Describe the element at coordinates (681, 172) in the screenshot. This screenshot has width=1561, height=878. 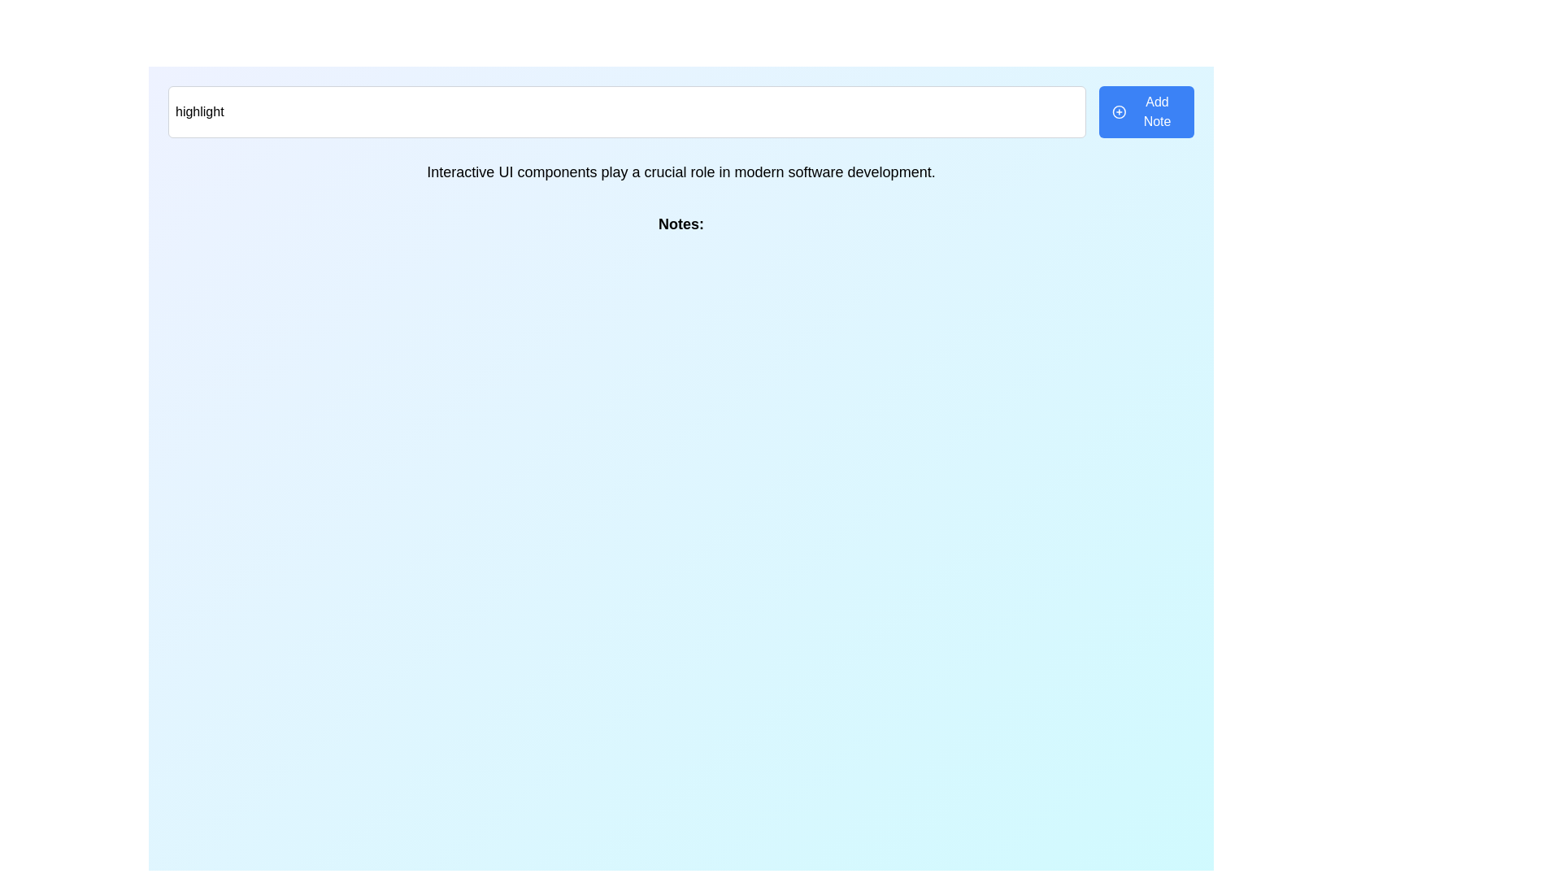
I see `text content from the text block displaying 'Interactive UI components play a crucial role in modern software development.' located in the central upper part of the interface` at that location.